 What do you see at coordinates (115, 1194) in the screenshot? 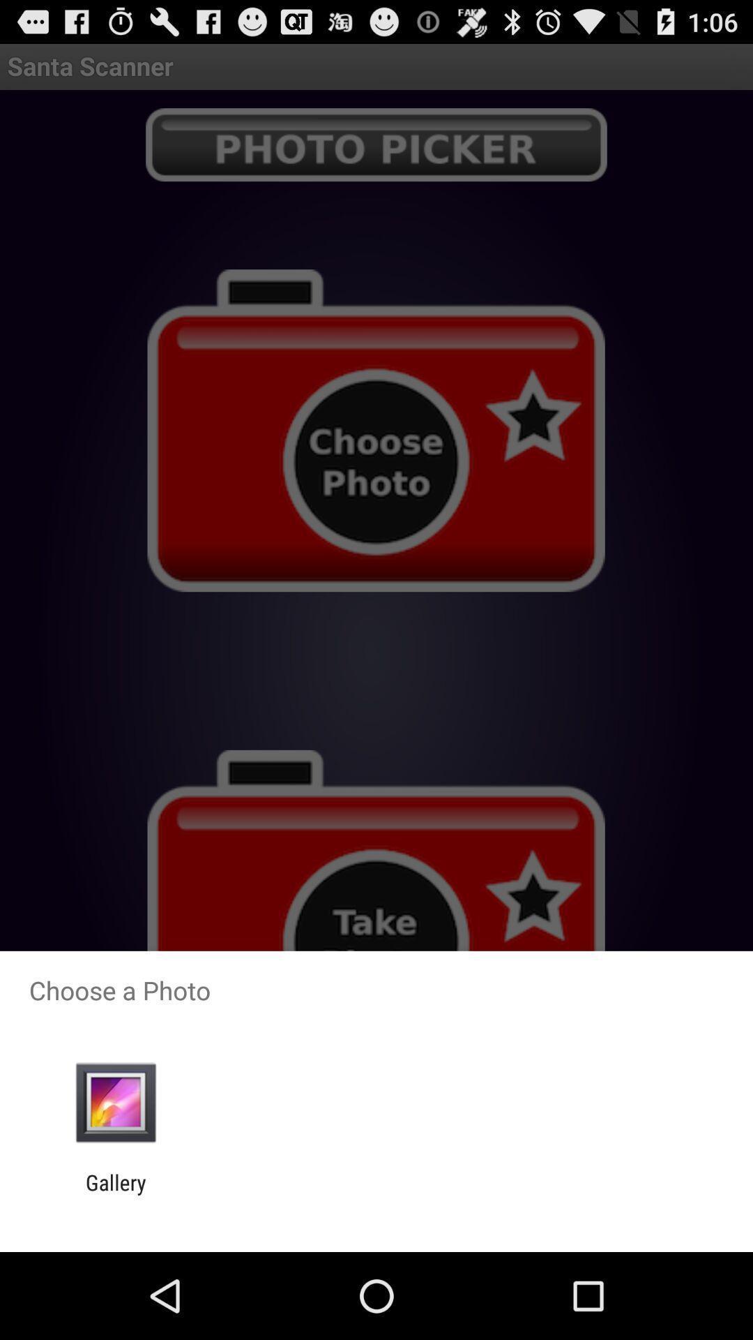
I see `gallery item` at bounding box center [115, 1194].